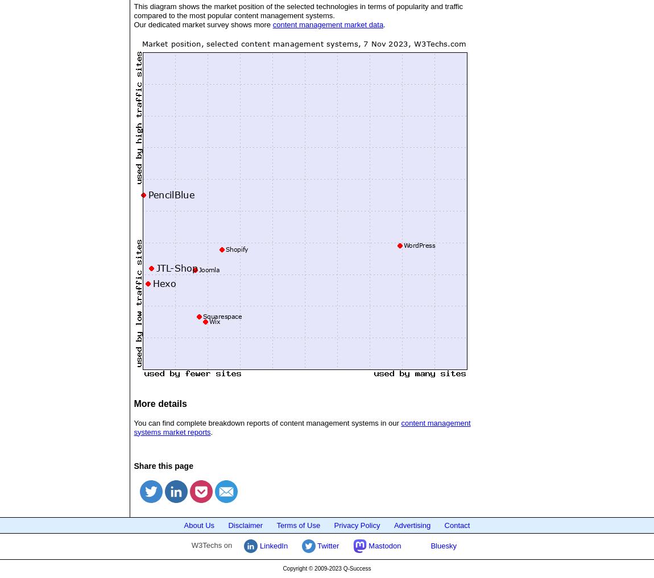 The width and height of the screenshot is (654, 578). What do you see at coordinates (245, 524) in the screenshot?
I see `'Disclaimer'` at bounding box center [245, 524].